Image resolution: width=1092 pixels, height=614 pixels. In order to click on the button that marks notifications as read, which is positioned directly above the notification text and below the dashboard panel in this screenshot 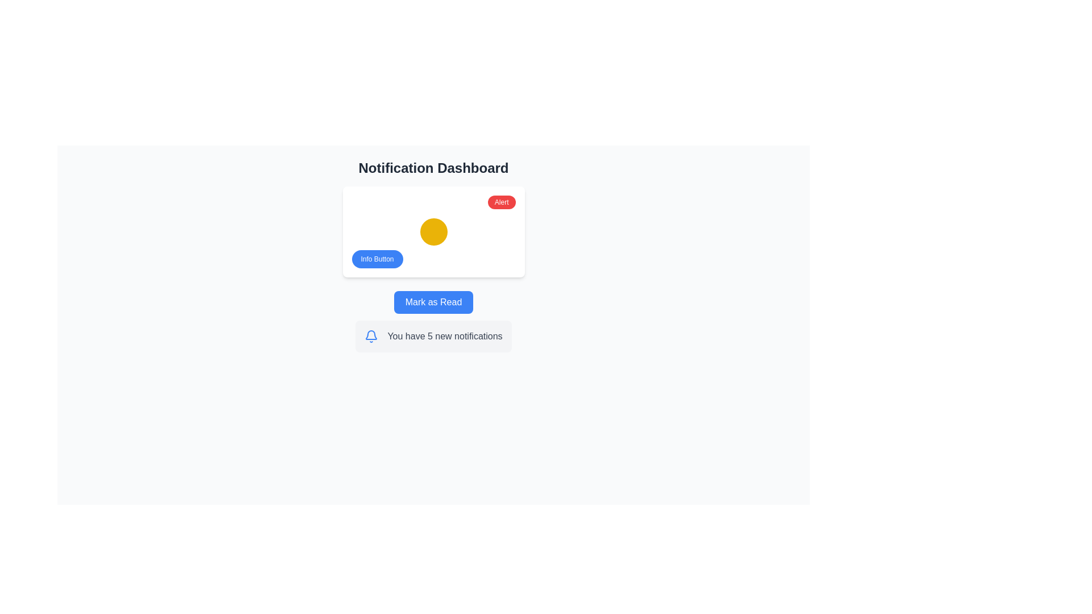, I will do `click(433, 302)`.